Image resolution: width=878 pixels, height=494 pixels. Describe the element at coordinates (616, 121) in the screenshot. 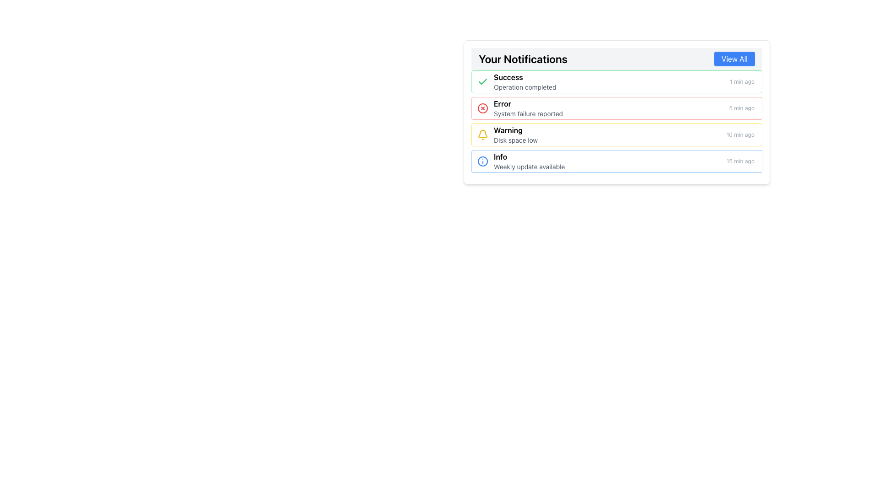

I see `the second notification item in the 'Your Notifications' section that indicates an error occurrence` at that location.